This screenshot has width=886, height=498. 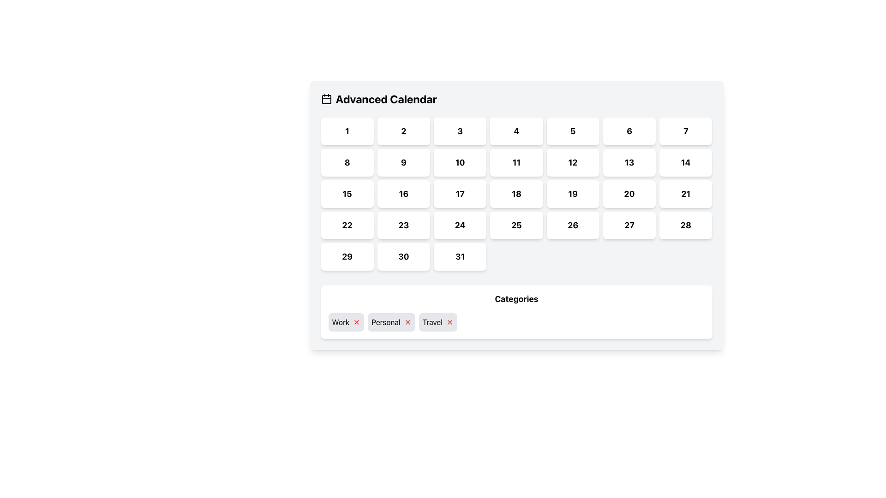 What do you see at coordinates (686, 131) in the screenshot?
I see `the text element displaying the number '7' which is positioned in the second row of a calendar grid interface, within a white, rounded rectangle` at bounding box center [686, 131].